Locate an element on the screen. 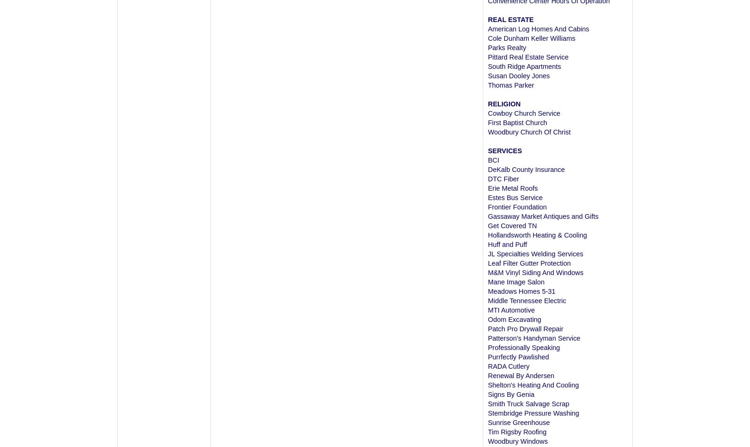 The width and height of the screenshot is (750, 447). 'Thomas Parker' is located at coordinates (511, 85).